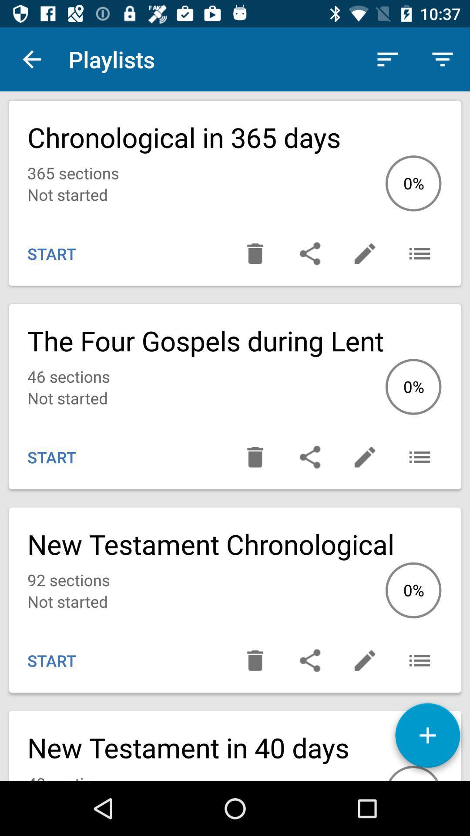 The width and height of the screenshot is (470, 836). What do you see at coordinates (31, 59) in the screenshot?
I see `icon above the chronological in 365 item` at bounding box center [31, 59].